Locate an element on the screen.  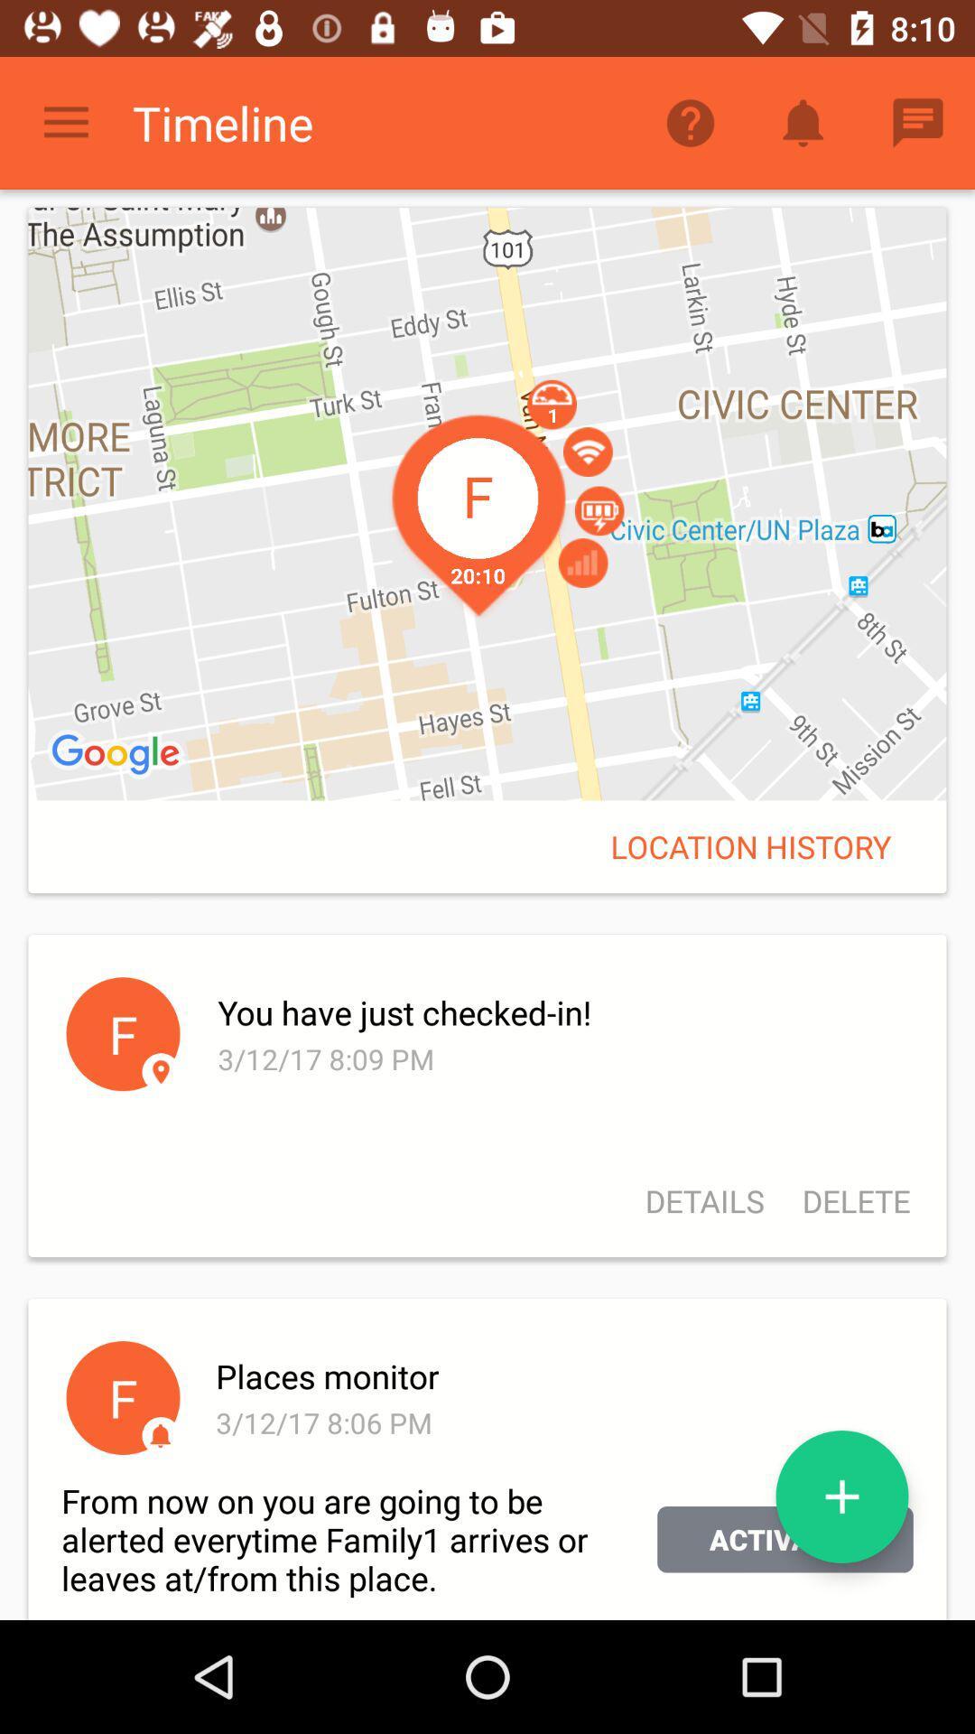
the item above the location history icon is located at coordinates (487, 504).